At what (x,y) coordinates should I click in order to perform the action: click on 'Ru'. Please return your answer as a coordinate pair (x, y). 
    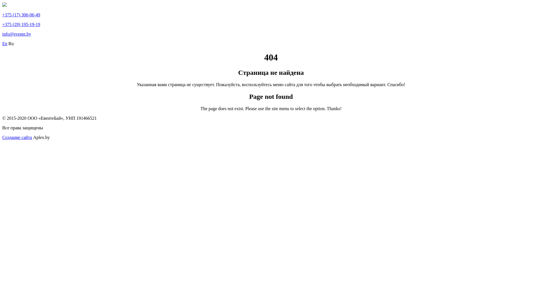
    Looking at the image, I should click on (11, 43).